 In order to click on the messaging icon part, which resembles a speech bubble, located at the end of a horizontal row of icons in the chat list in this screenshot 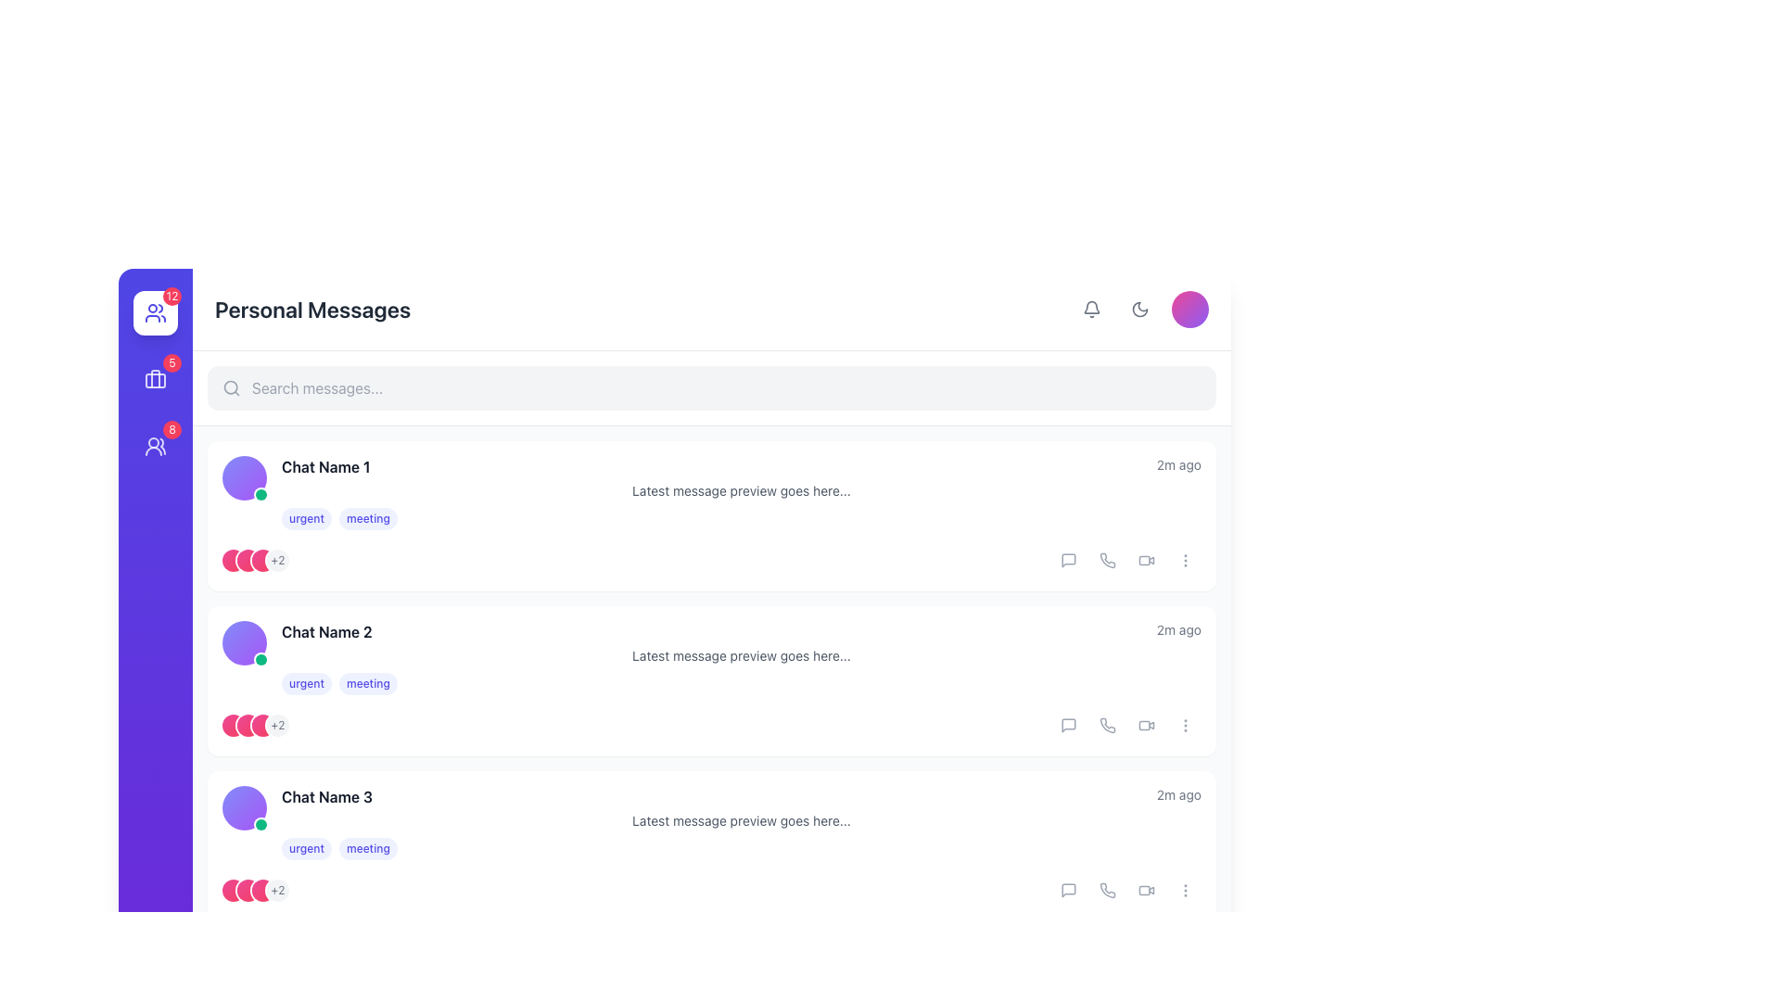, I will do `click(1068, 889)`.